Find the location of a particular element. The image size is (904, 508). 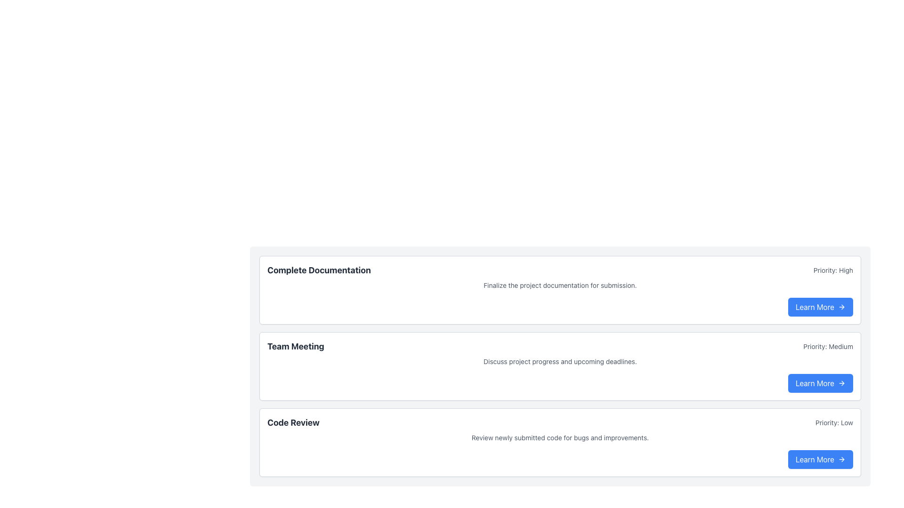

the blue button labeled 'Learn More' with a right-pointing arrow icon located in the bottom-right corner of the third task card is located at coordinates (820, 383).